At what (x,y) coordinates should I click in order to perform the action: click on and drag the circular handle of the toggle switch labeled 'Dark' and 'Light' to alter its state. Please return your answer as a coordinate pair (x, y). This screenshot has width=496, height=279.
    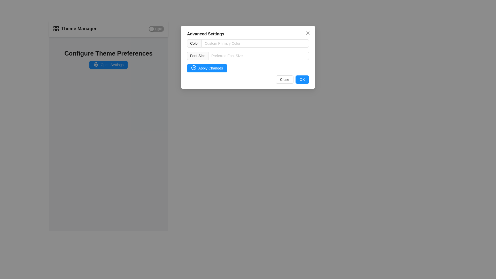
    Looking at the image, I should click on (151, 29).